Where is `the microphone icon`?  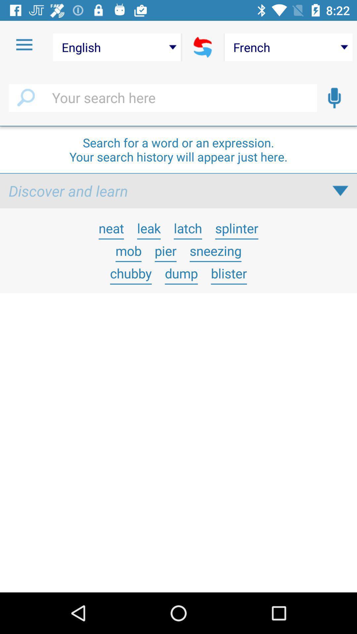 the microphone icon is located at coordinates (334, 98).